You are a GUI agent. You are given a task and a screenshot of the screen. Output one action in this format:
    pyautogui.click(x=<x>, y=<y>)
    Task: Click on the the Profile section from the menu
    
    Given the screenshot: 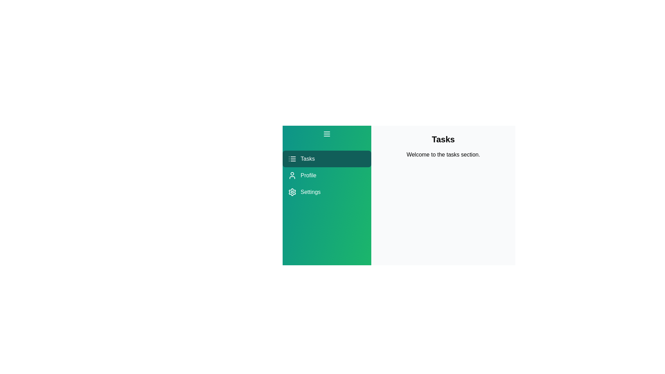 What is the action you would take?
    pyautogui.click(x=327, y=175)
    